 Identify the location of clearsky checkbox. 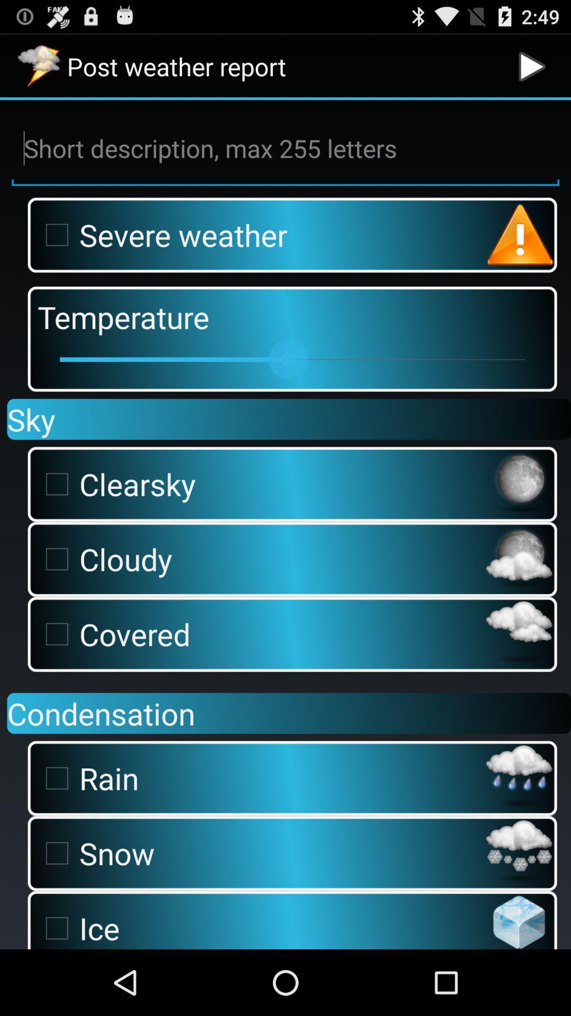
(259, 484).